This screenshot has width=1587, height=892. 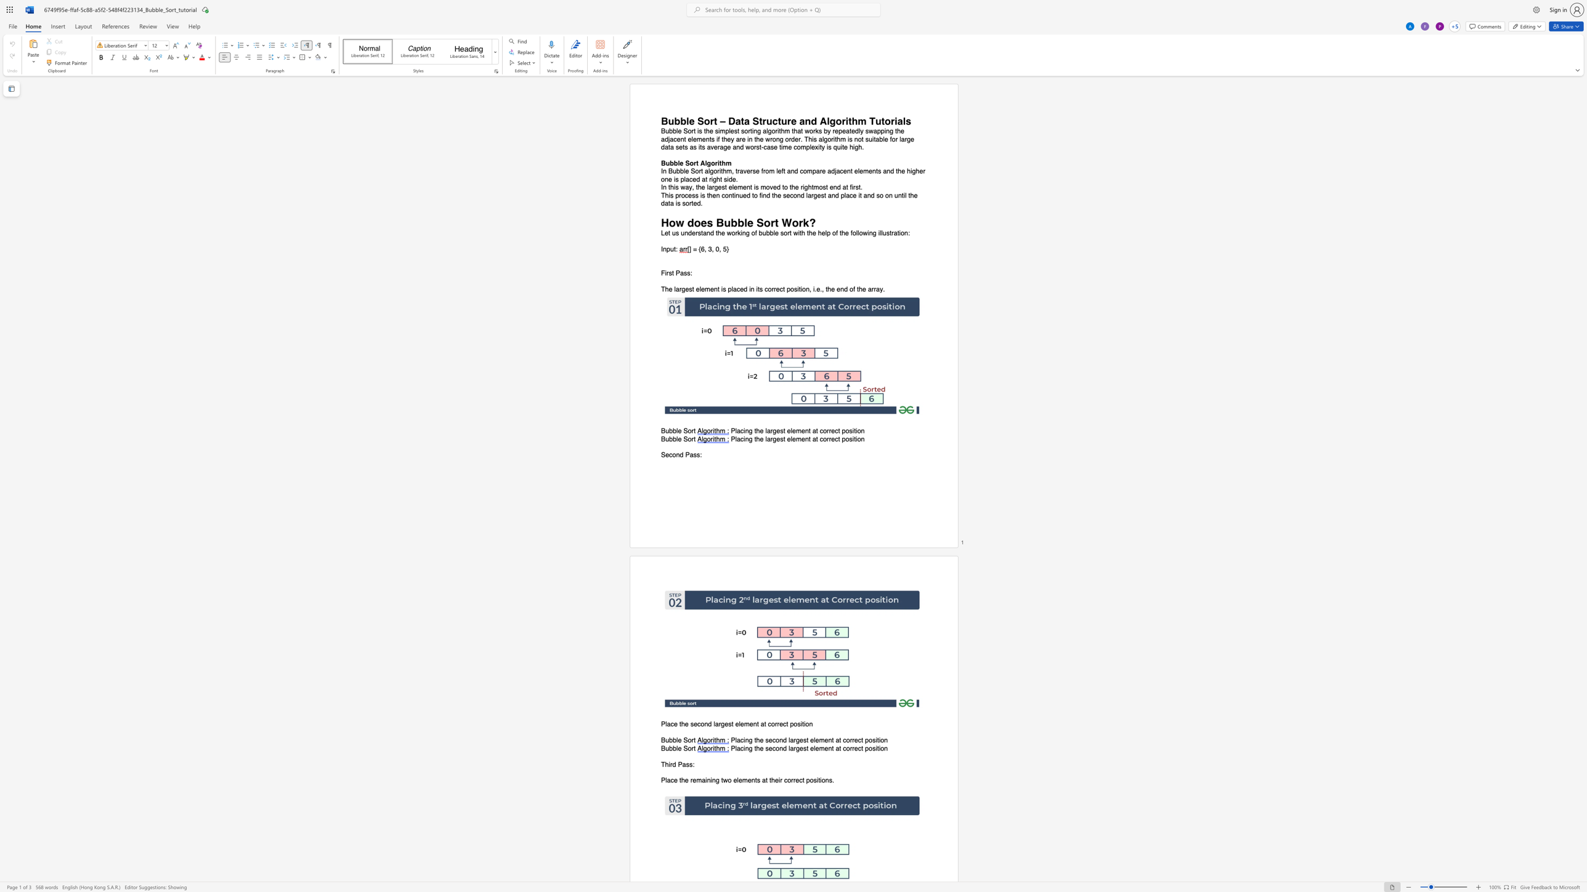 What do you see at coordinates (783, 289) in the screenshot?
I see `the 4th character "t" in the text` at bounding box center [783, 289].